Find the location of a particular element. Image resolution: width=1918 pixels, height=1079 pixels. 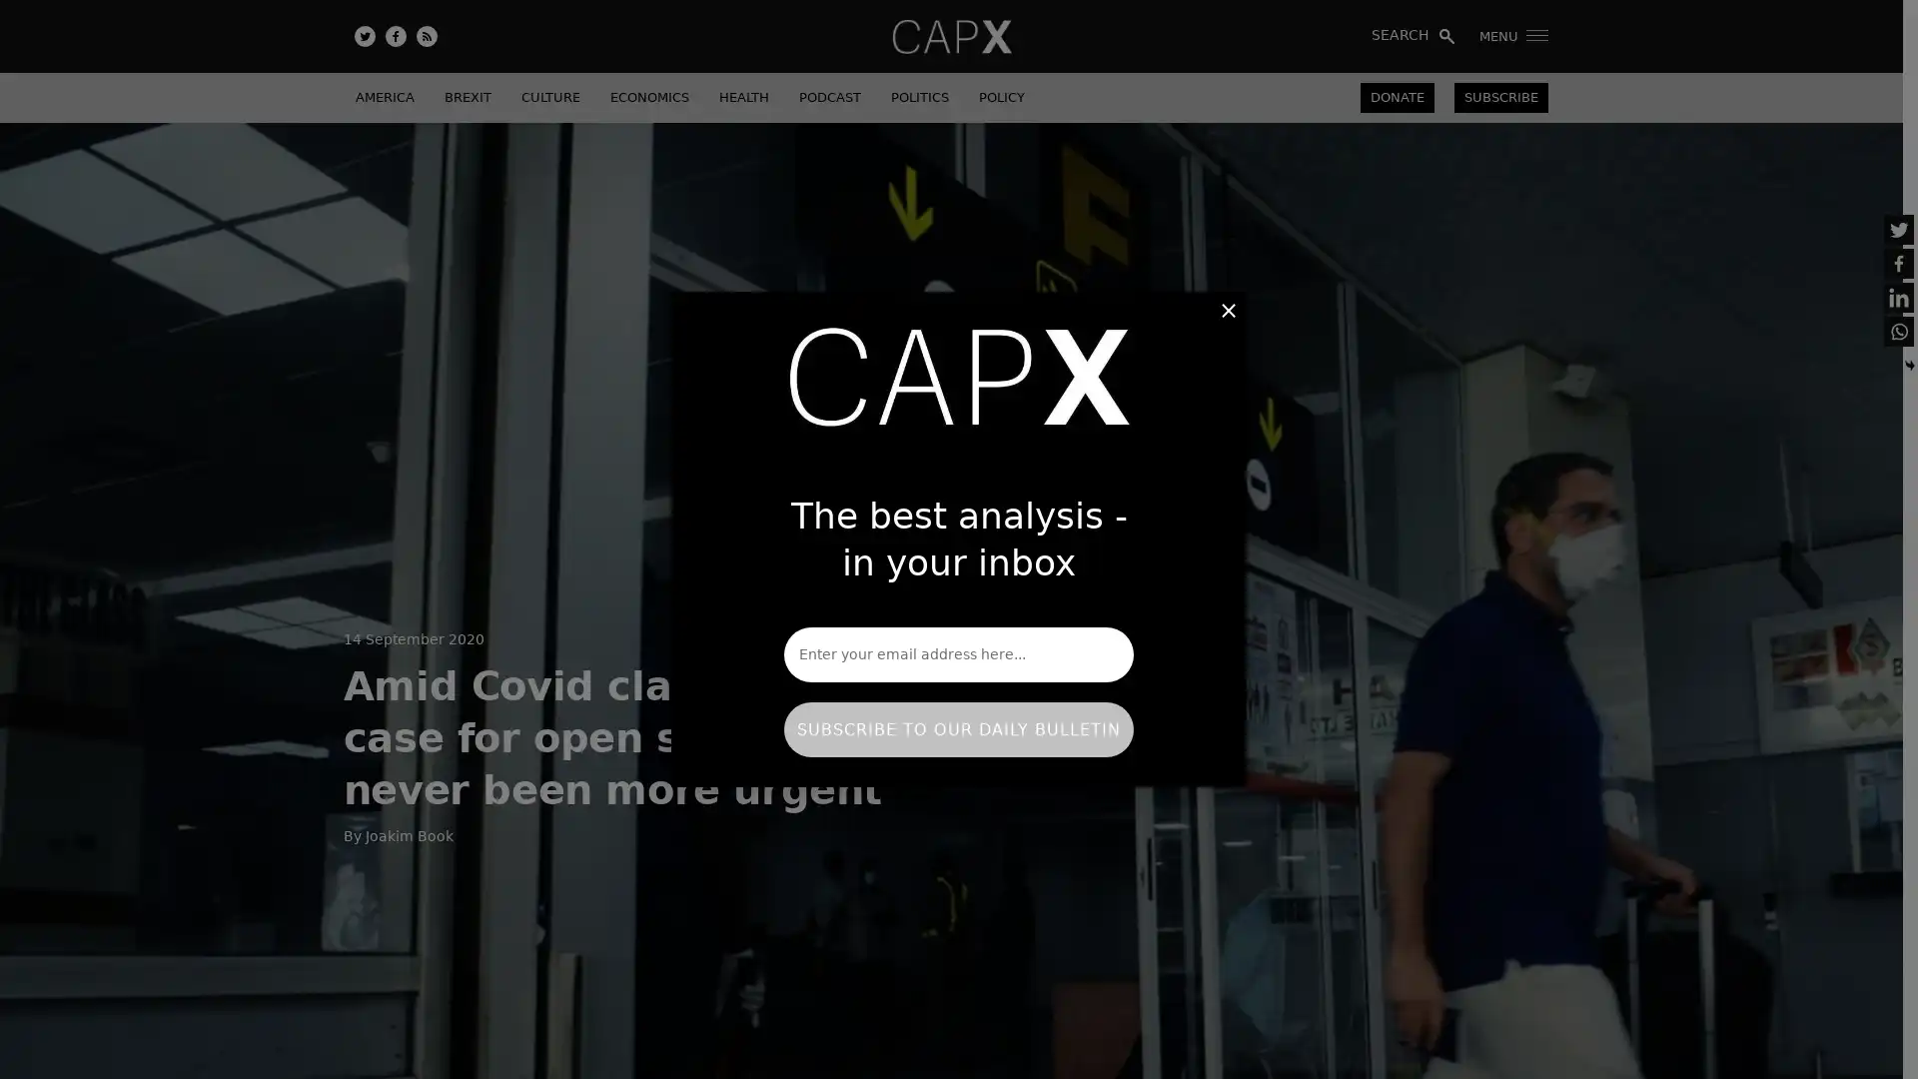

Close is located at coordinates (1227, 309).